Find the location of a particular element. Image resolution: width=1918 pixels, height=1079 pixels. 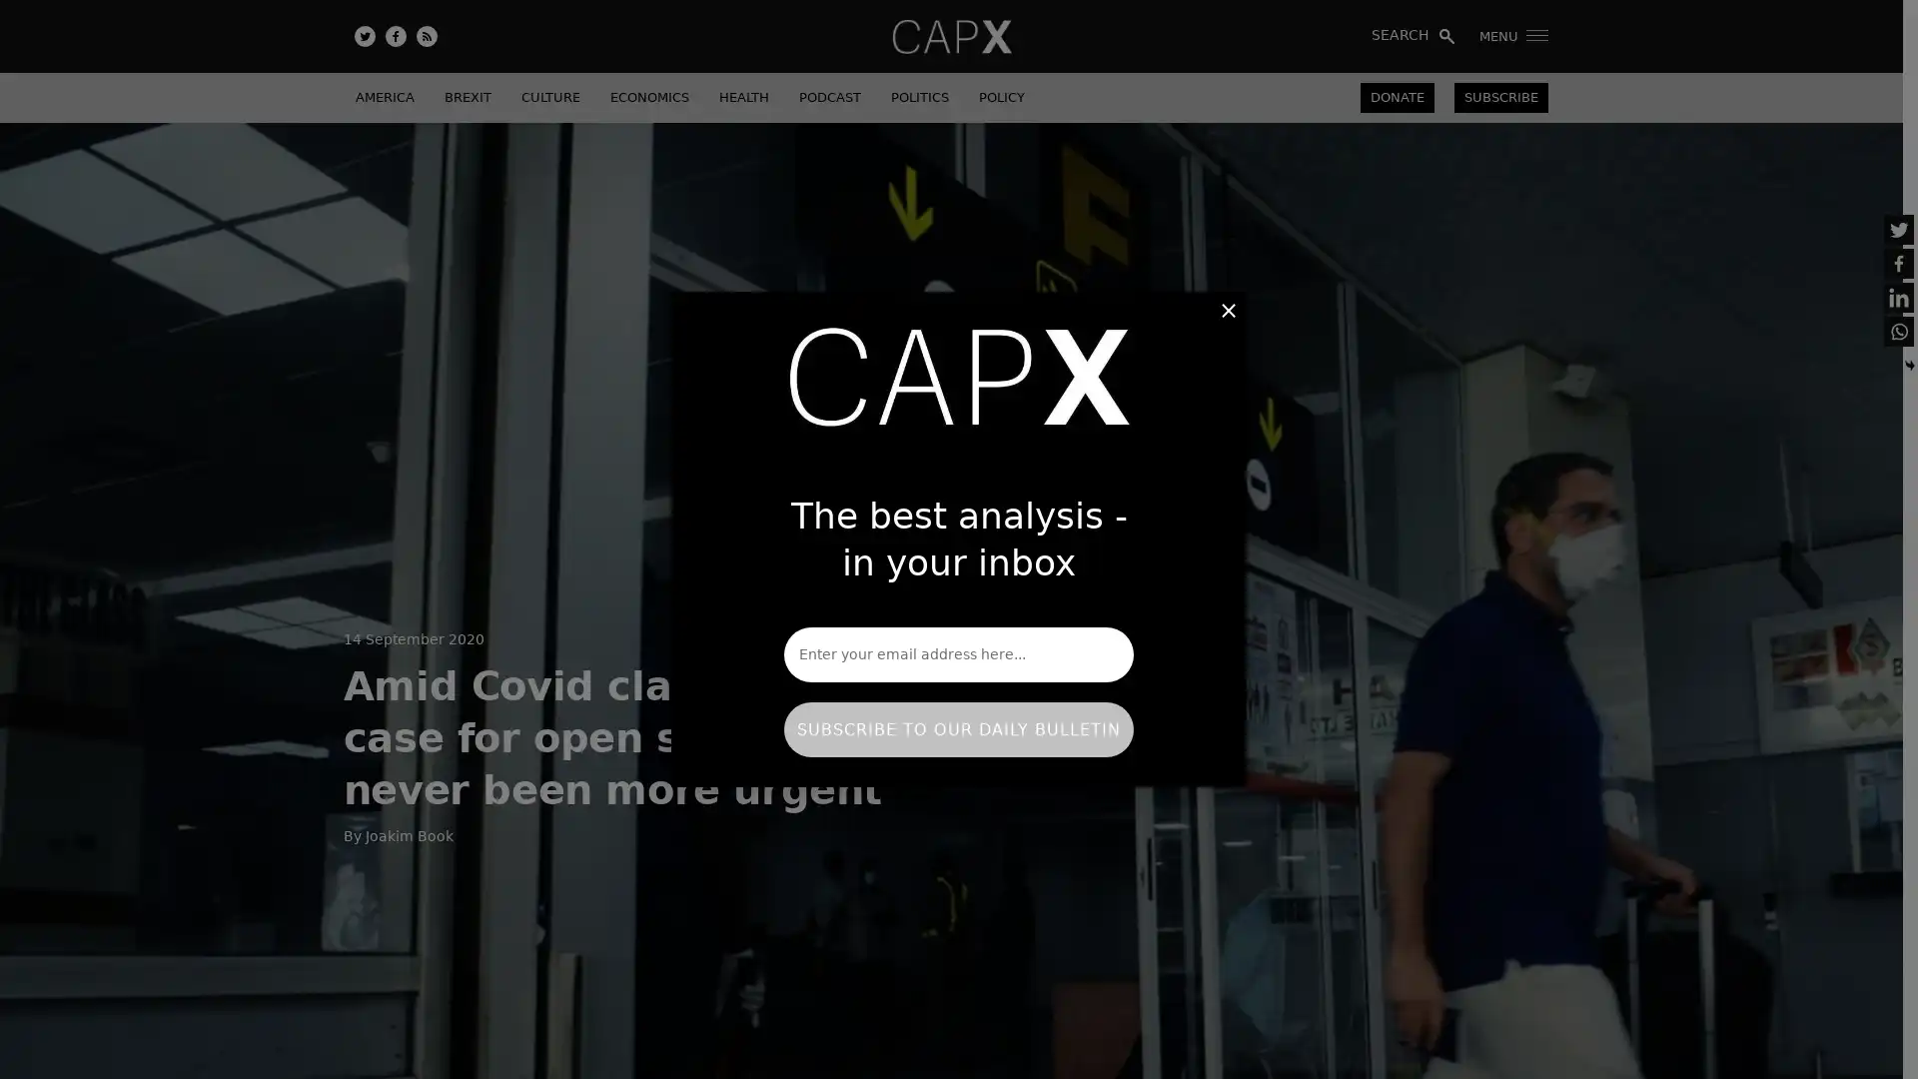

Close is located at coordinates (1227, 309).